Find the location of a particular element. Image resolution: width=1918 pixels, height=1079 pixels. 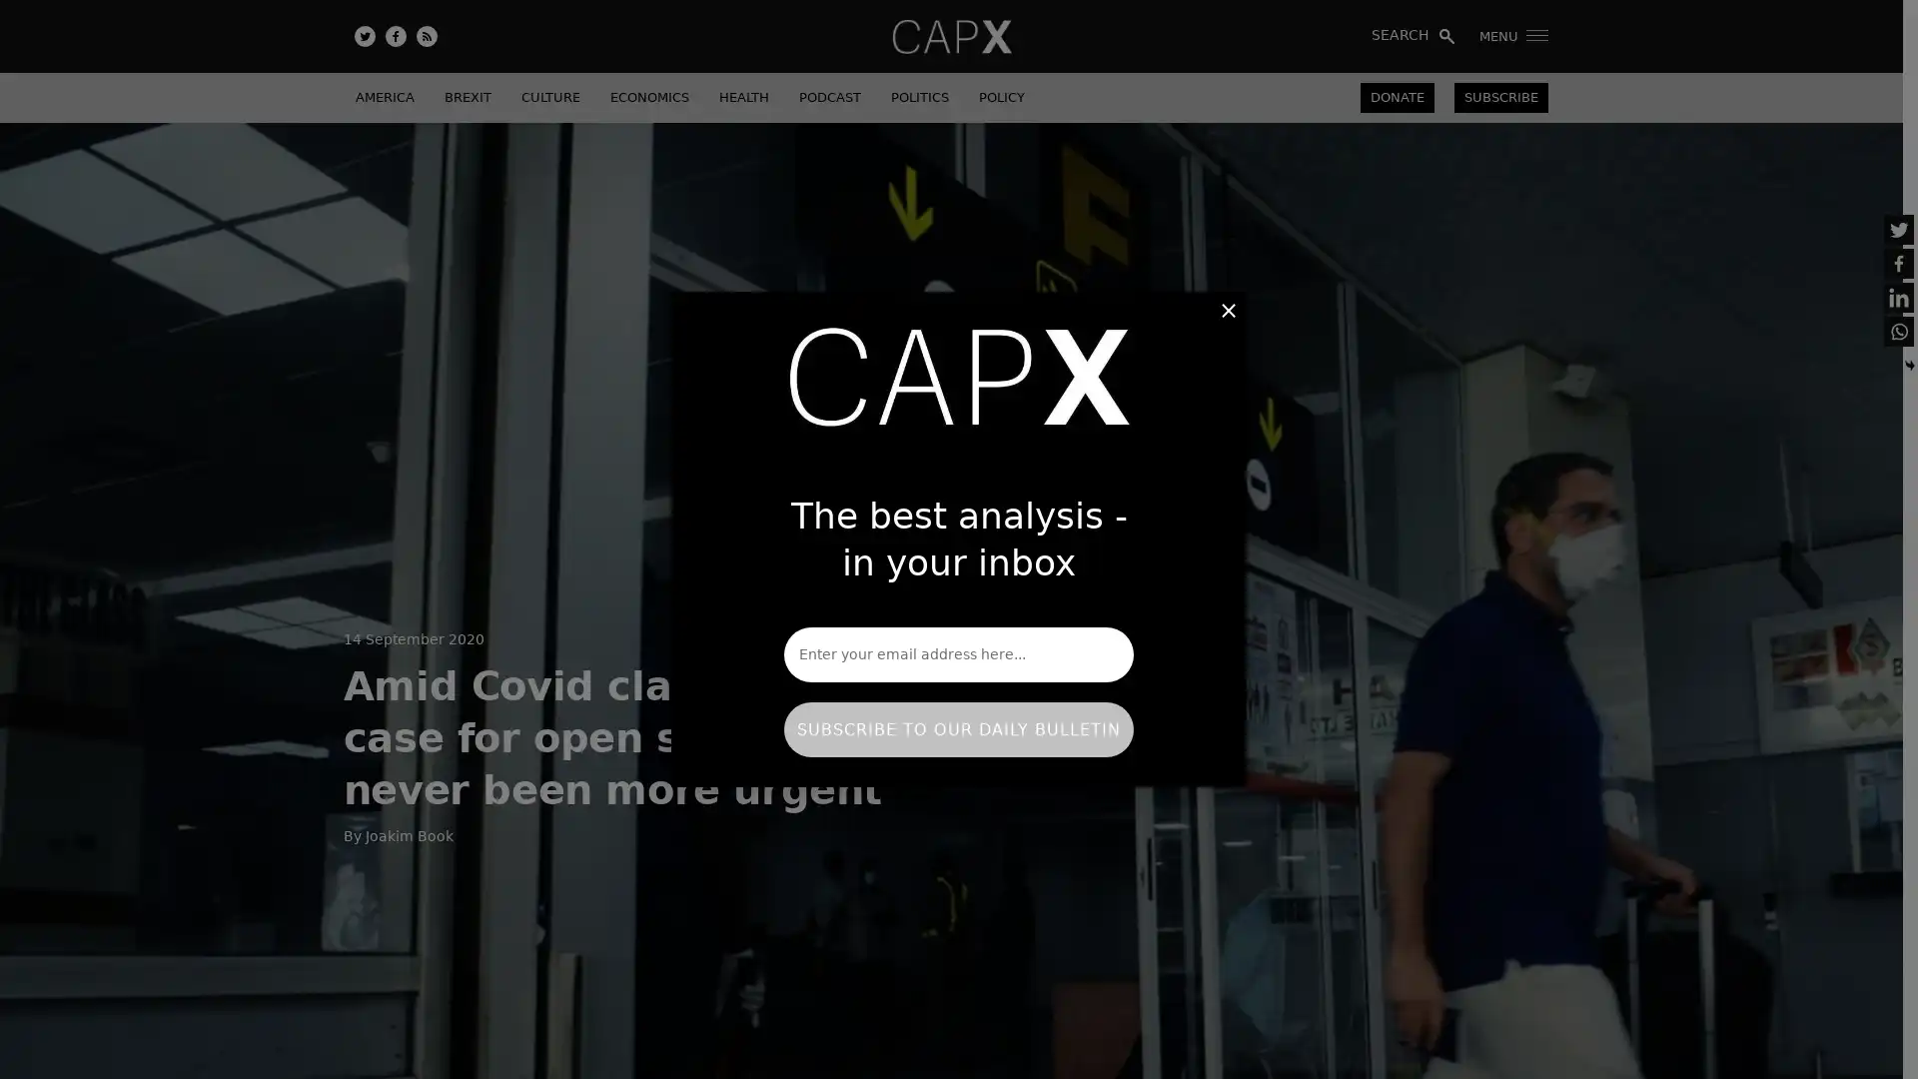

Close is located at coordinates (1227, 309).